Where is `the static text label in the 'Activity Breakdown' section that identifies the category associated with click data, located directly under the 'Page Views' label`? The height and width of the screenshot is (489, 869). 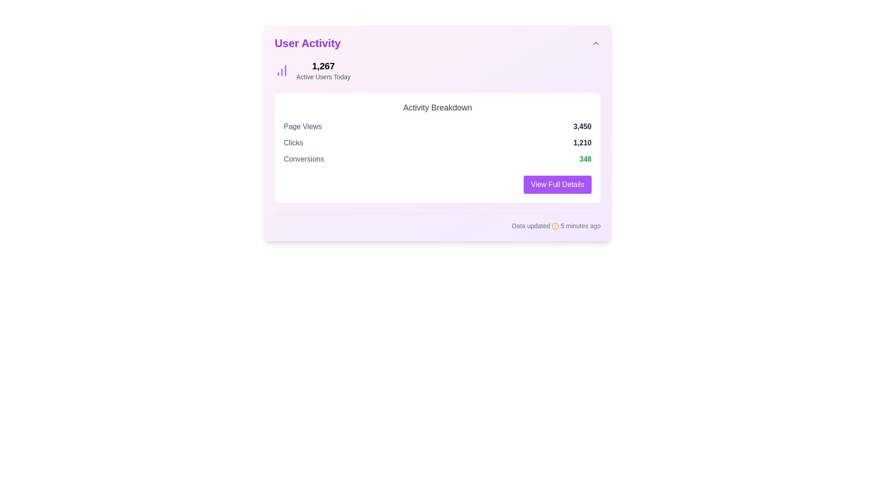 the static text label in the 'Activity Breakdown' section that identifies the category associated with click data, located directly under the 'Page Views' label is located at coordinates (293, 143).